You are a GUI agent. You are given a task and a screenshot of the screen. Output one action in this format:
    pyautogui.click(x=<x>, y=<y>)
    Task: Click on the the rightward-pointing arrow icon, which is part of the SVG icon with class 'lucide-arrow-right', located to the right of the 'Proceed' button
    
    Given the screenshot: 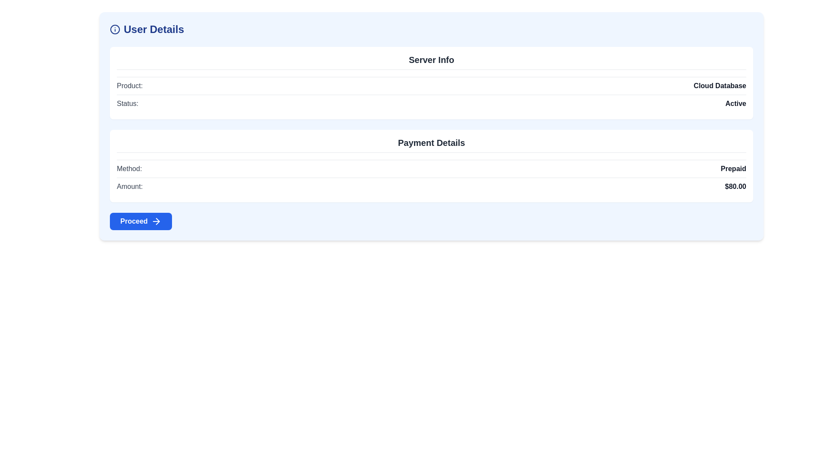 What is the action you would take?
    pyautogui.click(x=158, y=221)
    